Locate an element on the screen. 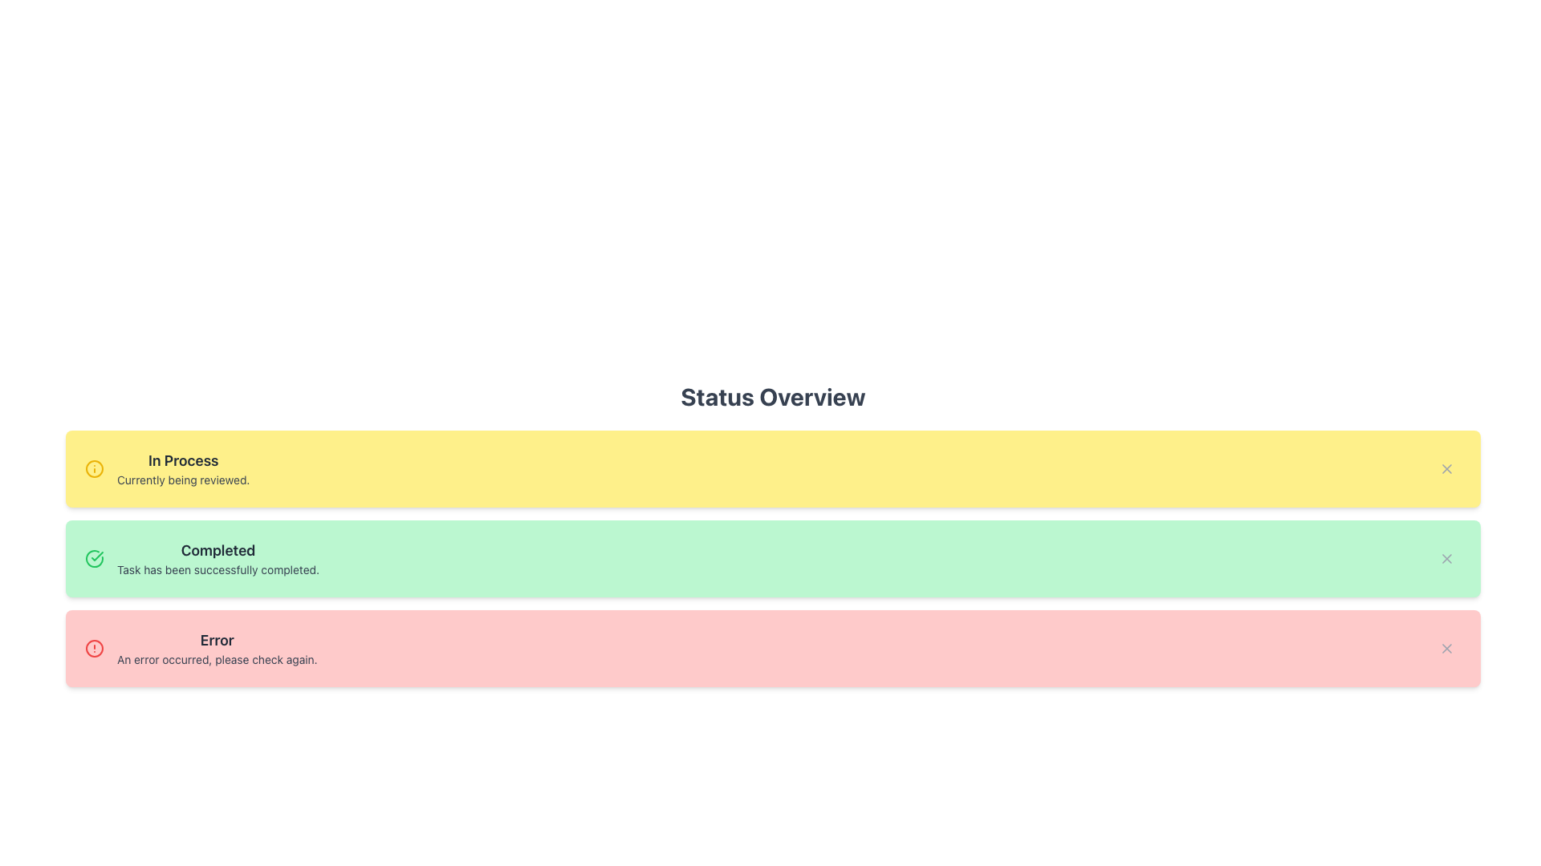 This screenshot has width=1541, height=866. text label that says 'Task has been successfully completed.' which is styled in gray and located below the 'Completed' label in the status card layout is located at coordinates (218, 569).